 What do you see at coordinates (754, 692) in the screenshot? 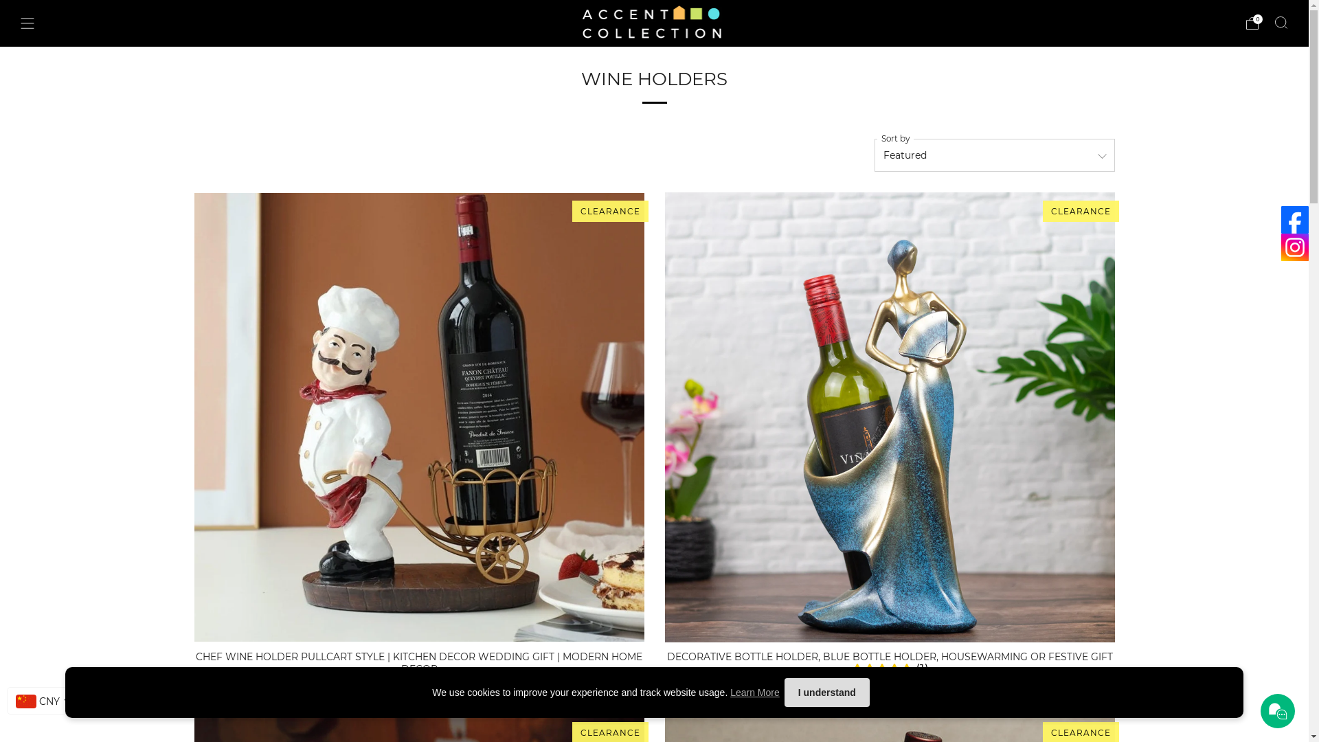
I see `'Learn More'` at bounding box center [754, 692].